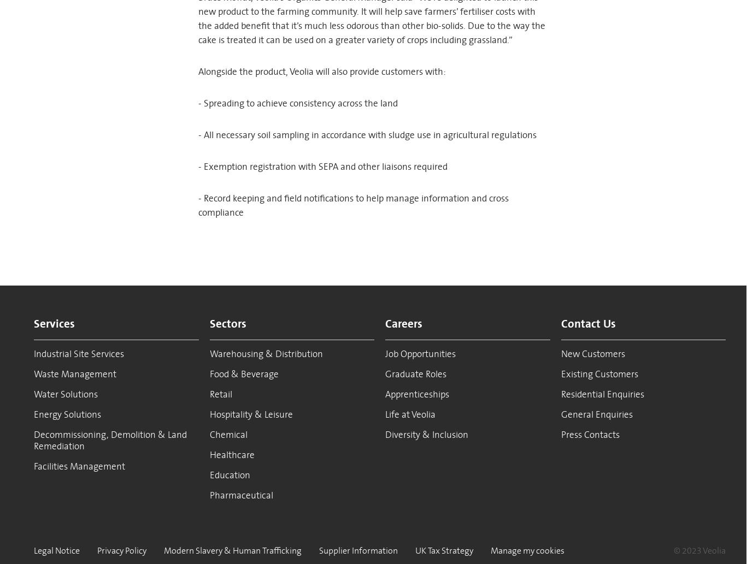 The height and width of the screenshot is (564, 747). I want to click on 'Food & Beverage', so click(243, 373).